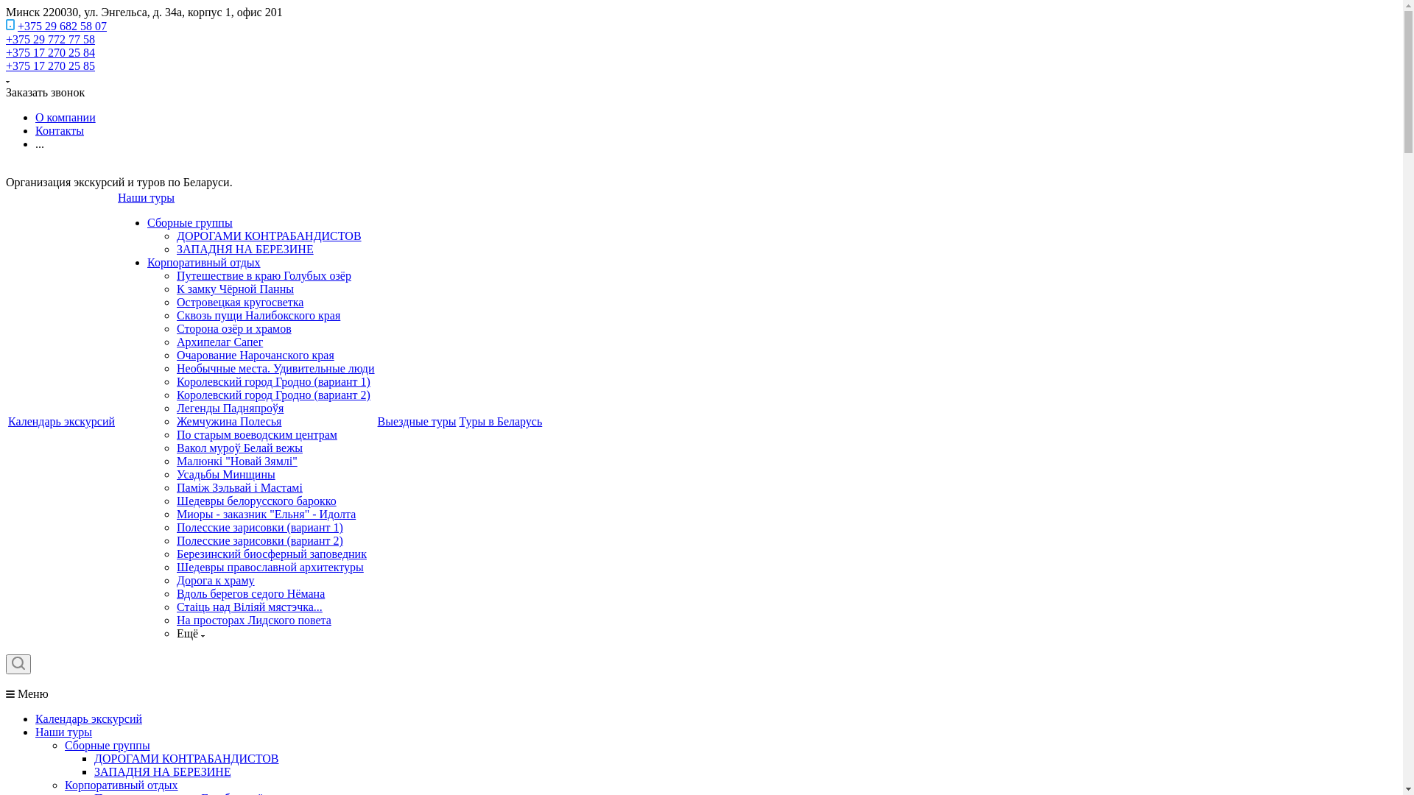 The image size is (1414, 795). I want to click on '+375 29 772 77 58', so click(50, 38).